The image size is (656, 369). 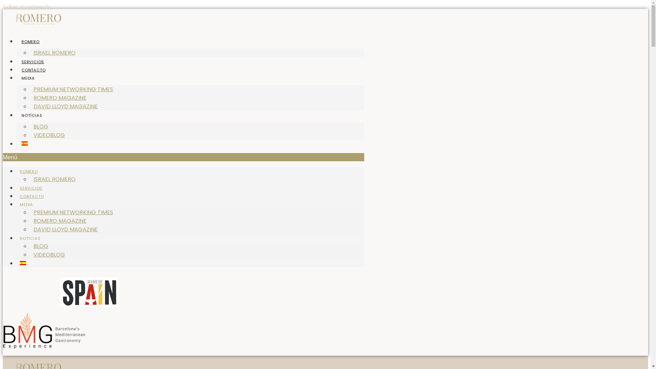 I want to click on 'Saltar al contenido', so click(x=27, y=6).